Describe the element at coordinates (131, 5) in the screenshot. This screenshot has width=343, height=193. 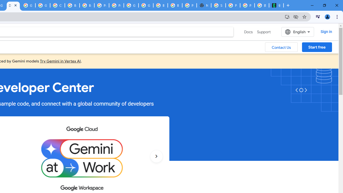
I see `'Google Cloud Platform'` at that location.